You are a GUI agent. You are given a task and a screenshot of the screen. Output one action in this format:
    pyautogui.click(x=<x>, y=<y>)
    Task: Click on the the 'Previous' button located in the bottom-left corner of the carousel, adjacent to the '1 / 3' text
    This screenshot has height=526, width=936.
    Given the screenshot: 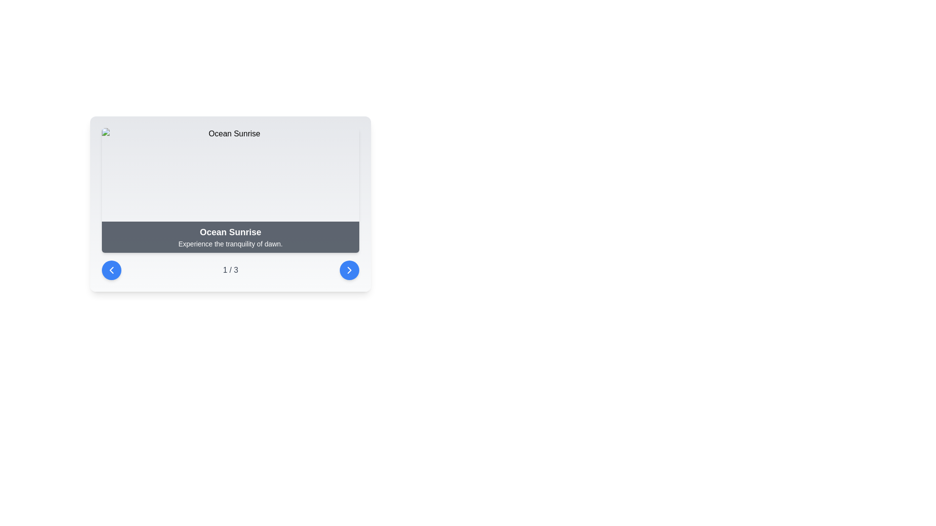 What is the action you would take?
    pyautogui.click(x=112, y=270)
    